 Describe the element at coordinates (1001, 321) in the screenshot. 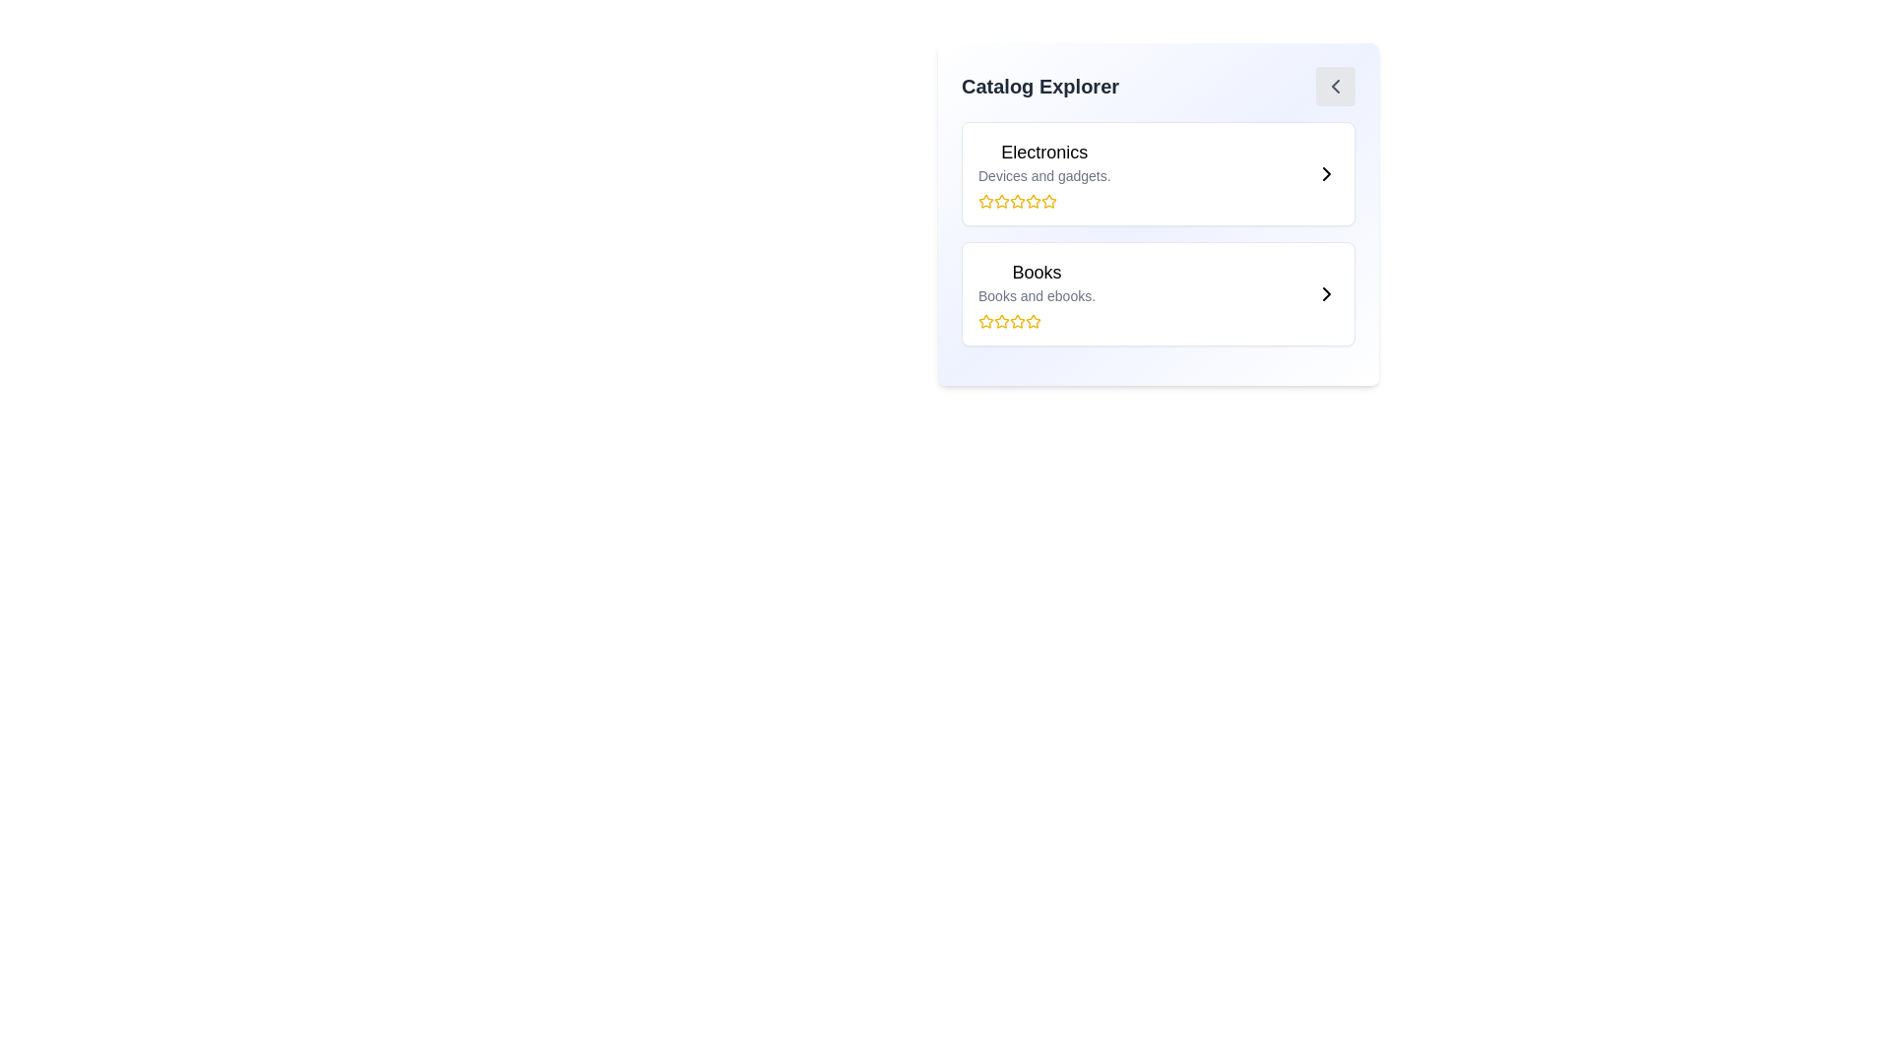

I see `the third star icon in the rating system below the 'Books' category` at that location.